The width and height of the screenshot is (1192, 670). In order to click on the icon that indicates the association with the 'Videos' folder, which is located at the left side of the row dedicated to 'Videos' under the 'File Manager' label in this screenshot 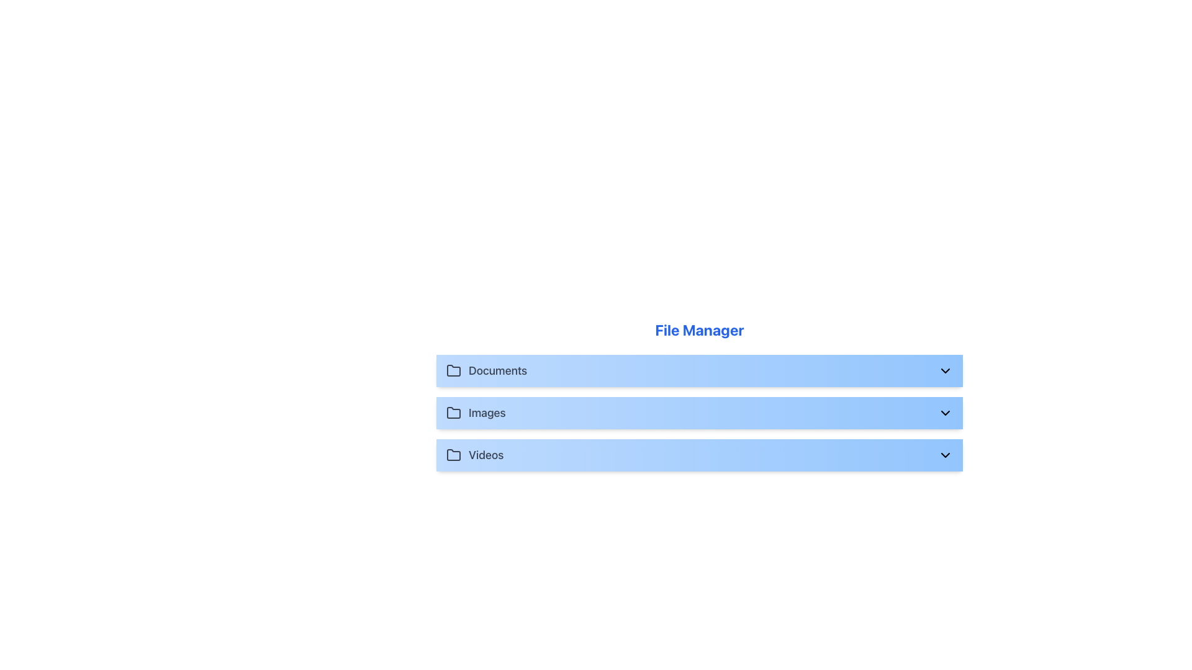, I will do `click(453, 455)`.